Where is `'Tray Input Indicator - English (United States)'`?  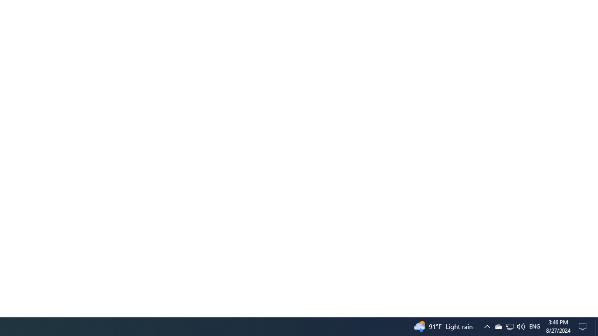 'Tray Input Indicator - English (United States)' is located at coordinates (509, 326).